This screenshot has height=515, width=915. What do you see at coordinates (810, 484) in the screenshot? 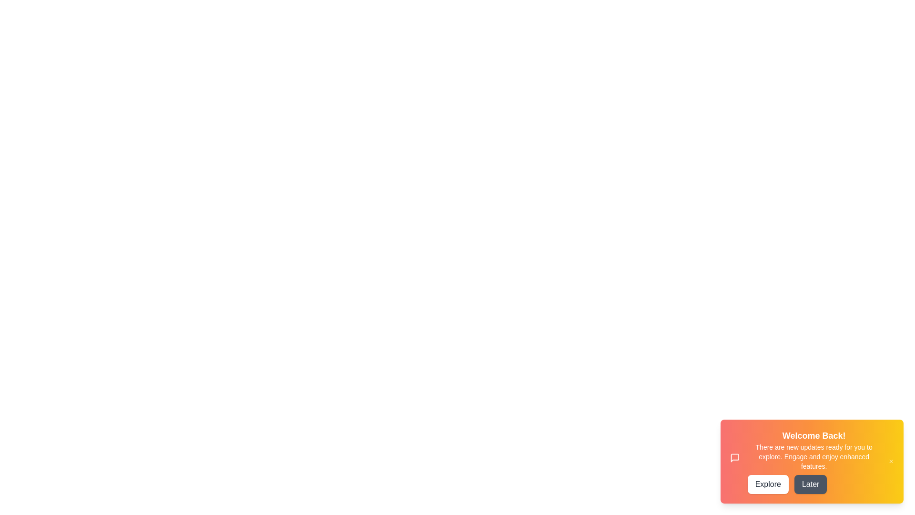
I see `'Later' button to dismiss the snackbar` at bounding box center [810, 484].